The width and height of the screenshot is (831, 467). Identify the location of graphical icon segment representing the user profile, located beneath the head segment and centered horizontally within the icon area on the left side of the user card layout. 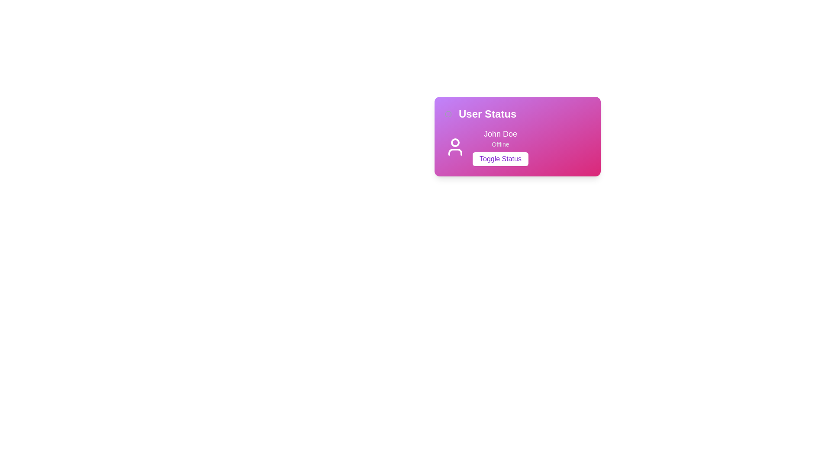
(454, 151).